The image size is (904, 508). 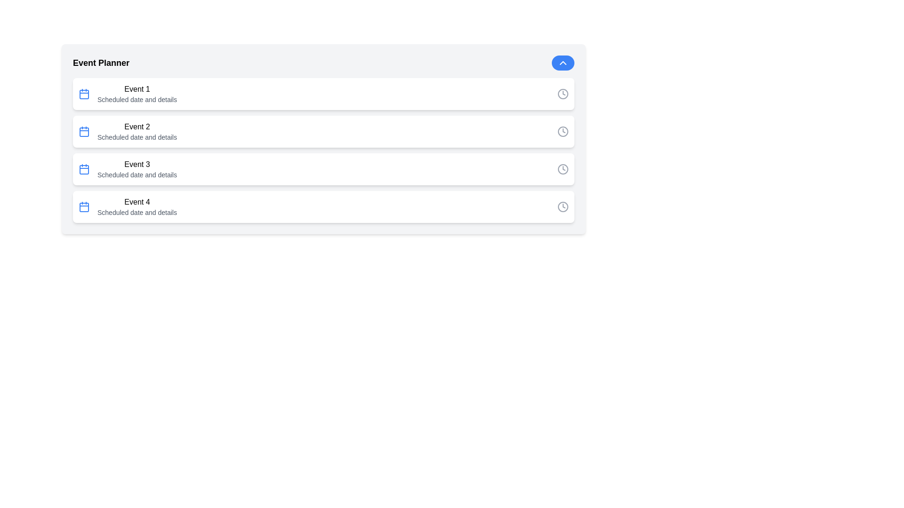 What do you see at coordinates (137, 206) in the screenshot?
I see `text content displayed in the fourth item of the vertical list in the 'Event Planner' section, which shows the title 'Event 4' and its brief description 'Scheduled date and details'` at bounding box center [137, 206].